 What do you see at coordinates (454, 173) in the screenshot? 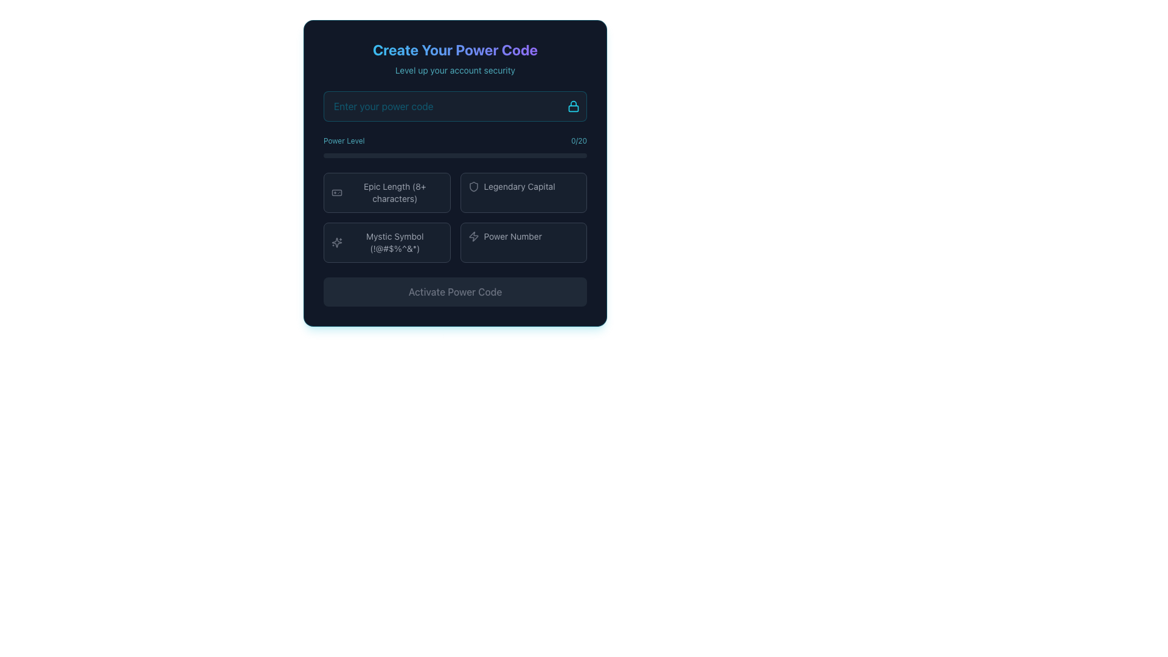
I see `the Informational Display Component located in the first cell of a grid layout, positioned leftmost in the top row, providing feedback on password or security code requirements` at bounding box center [454, 173].